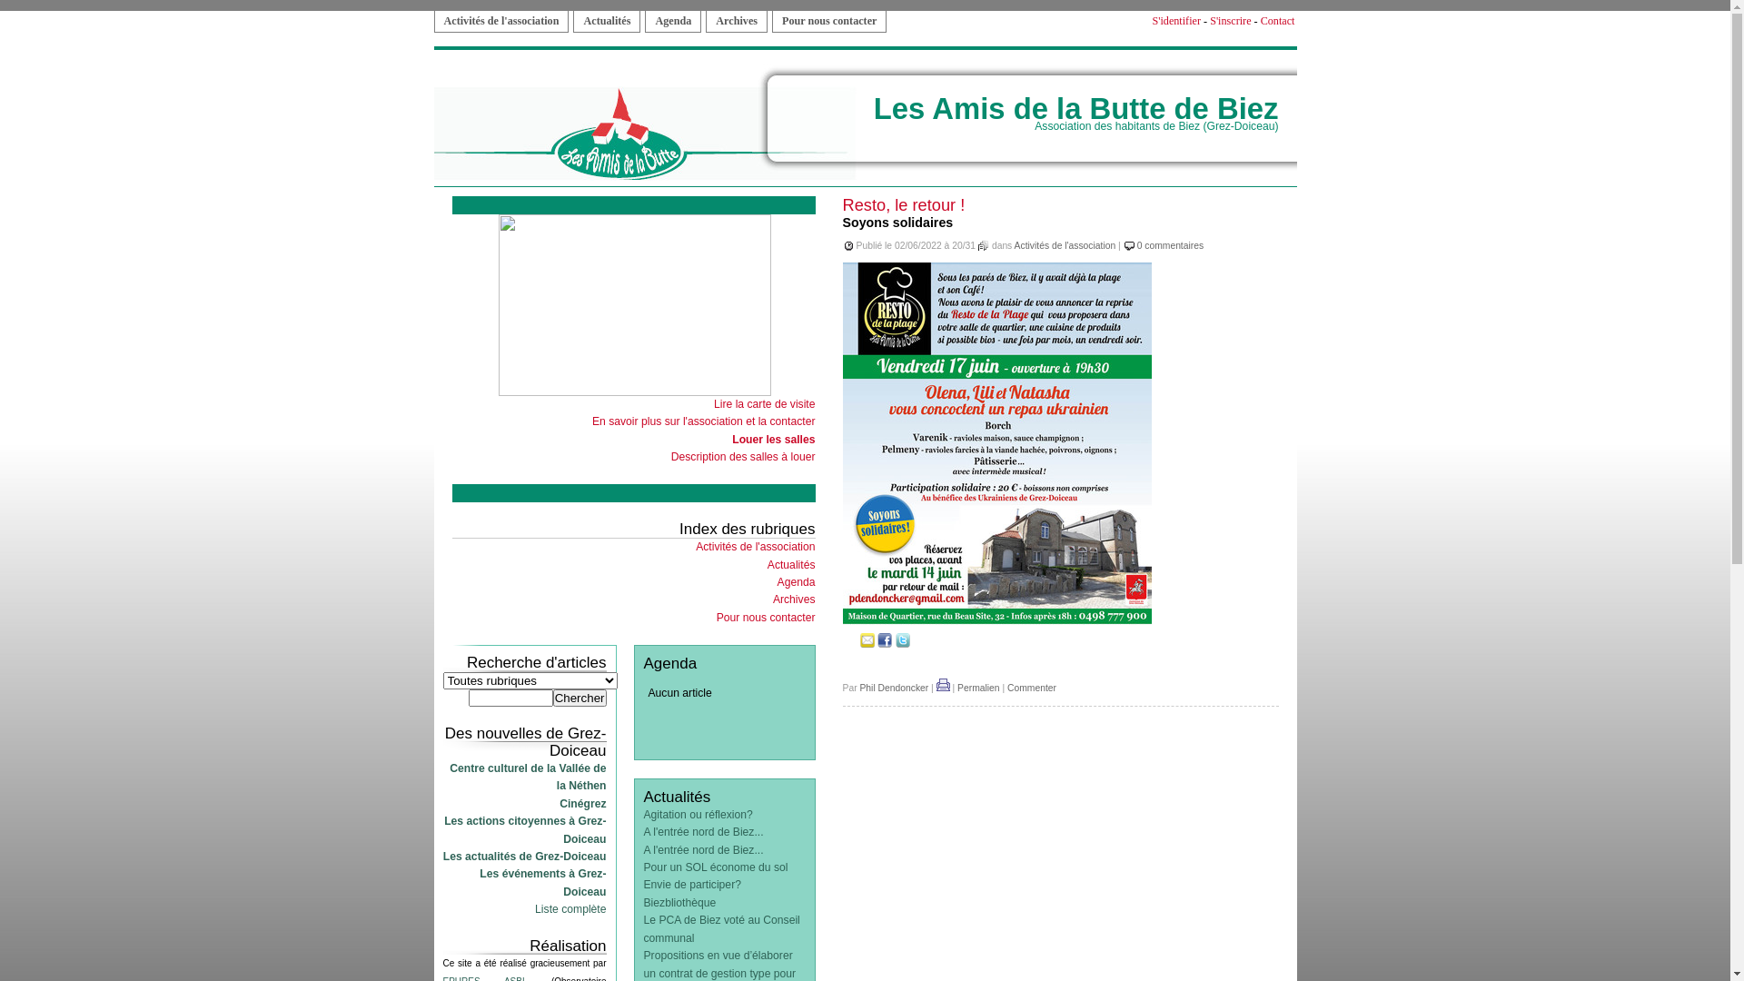 The width and height of the screenshot is (1744, 981). Describe the element at coordinates (827, 21) in the screenshot. I see `'Pour nous contacter'` at that location.